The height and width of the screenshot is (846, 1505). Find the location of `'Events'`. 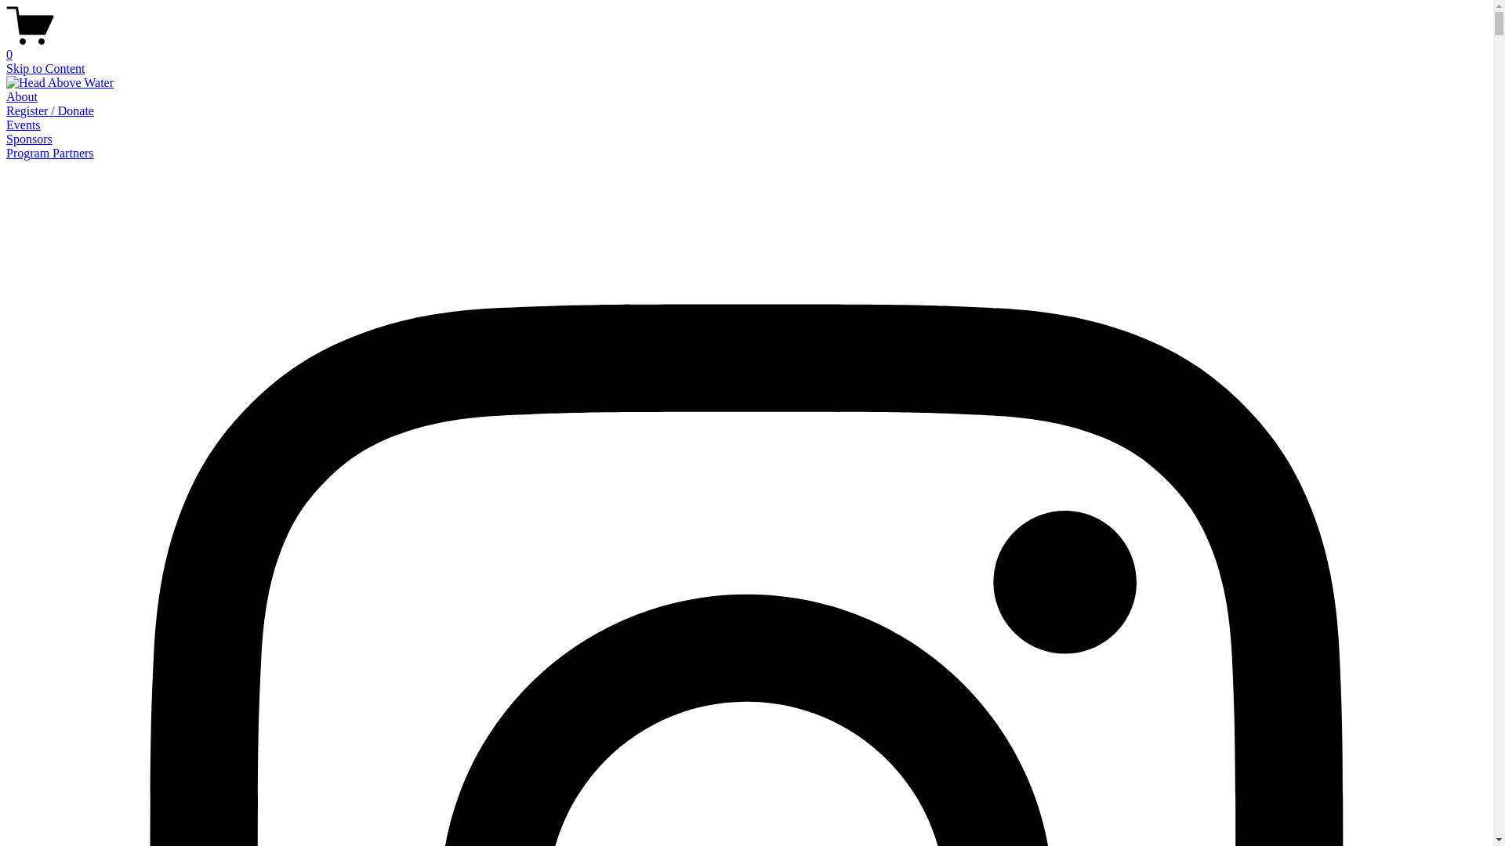

'Events' is located at coordinates (23, 124).